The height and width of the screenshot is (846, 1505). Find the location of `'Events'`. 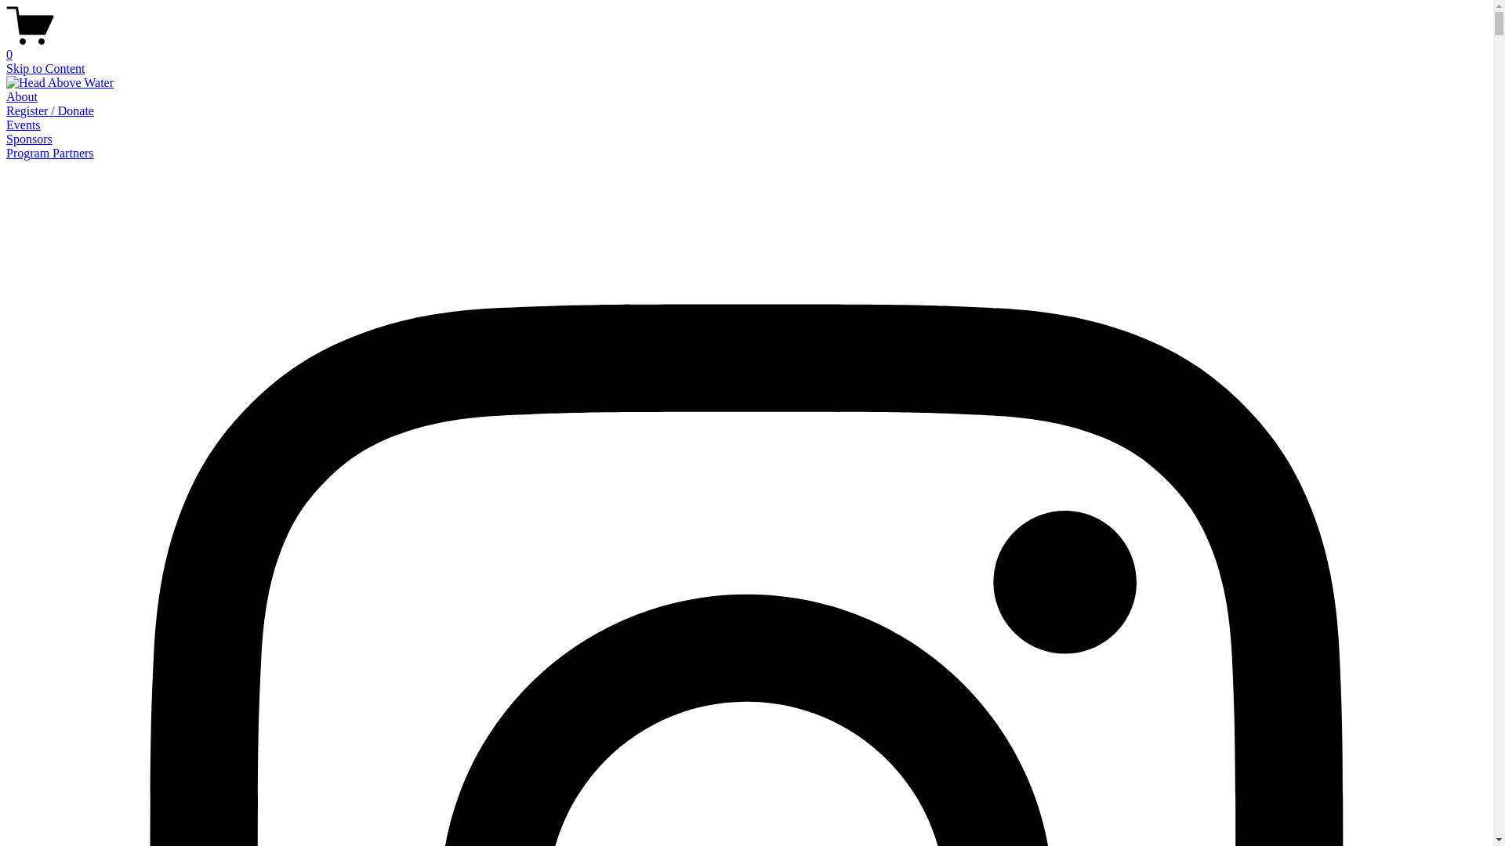

'Events' is located at coordinates (23, 124).